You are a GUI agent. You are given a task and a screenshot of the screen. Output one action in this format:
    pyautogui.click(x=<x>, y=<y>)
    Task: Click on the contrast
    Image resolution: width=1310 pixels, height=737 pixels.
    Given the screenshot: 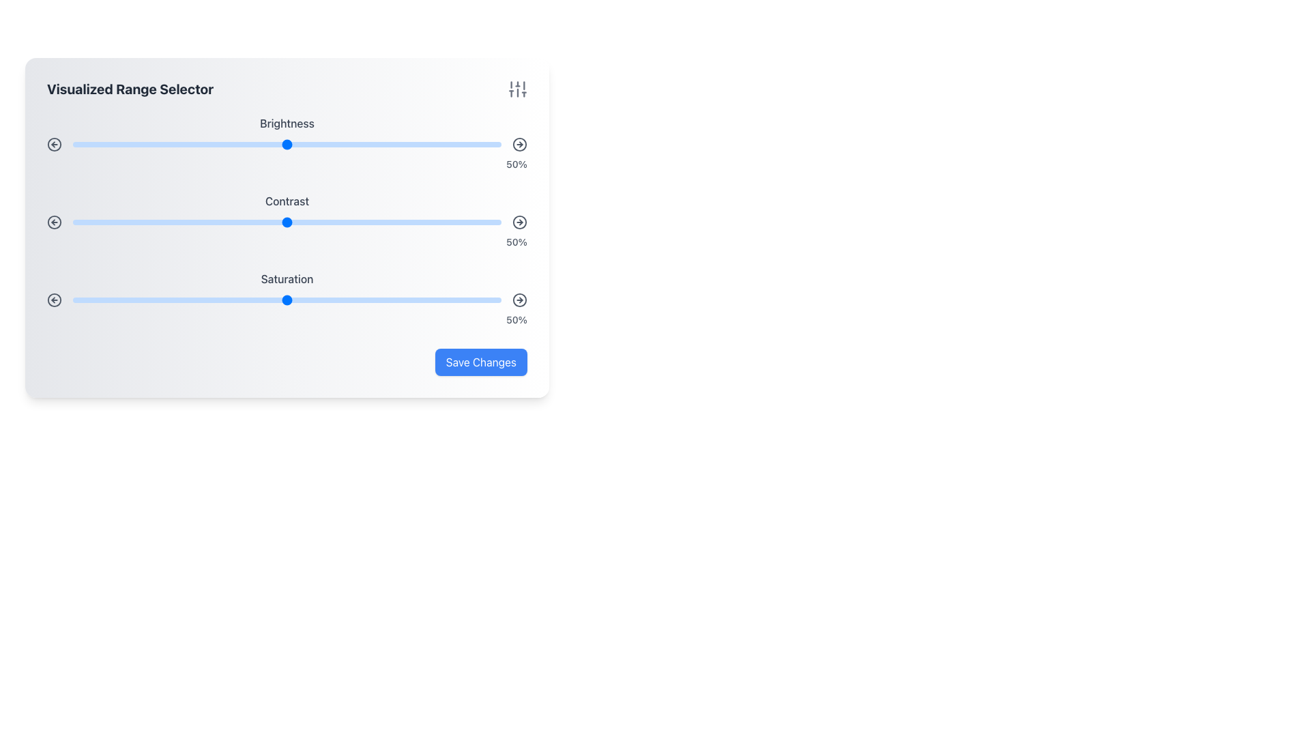 What is the action you would take?
    pyautogui.click(x=312, y=222)
    